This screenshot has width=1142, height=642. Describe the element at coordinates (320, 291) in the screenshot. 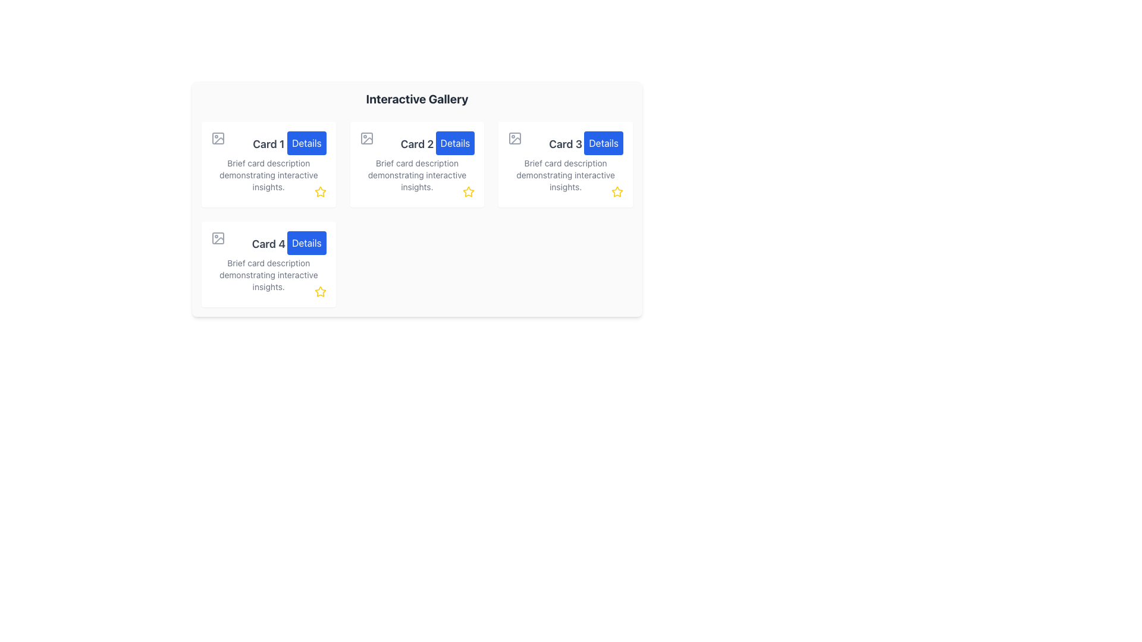

I see `the yellow star-shaped icon located at the bottom-right corner of the 'Card 4' in the Interactive Gallery, which serves as a rating or favorite indicator` at that location.